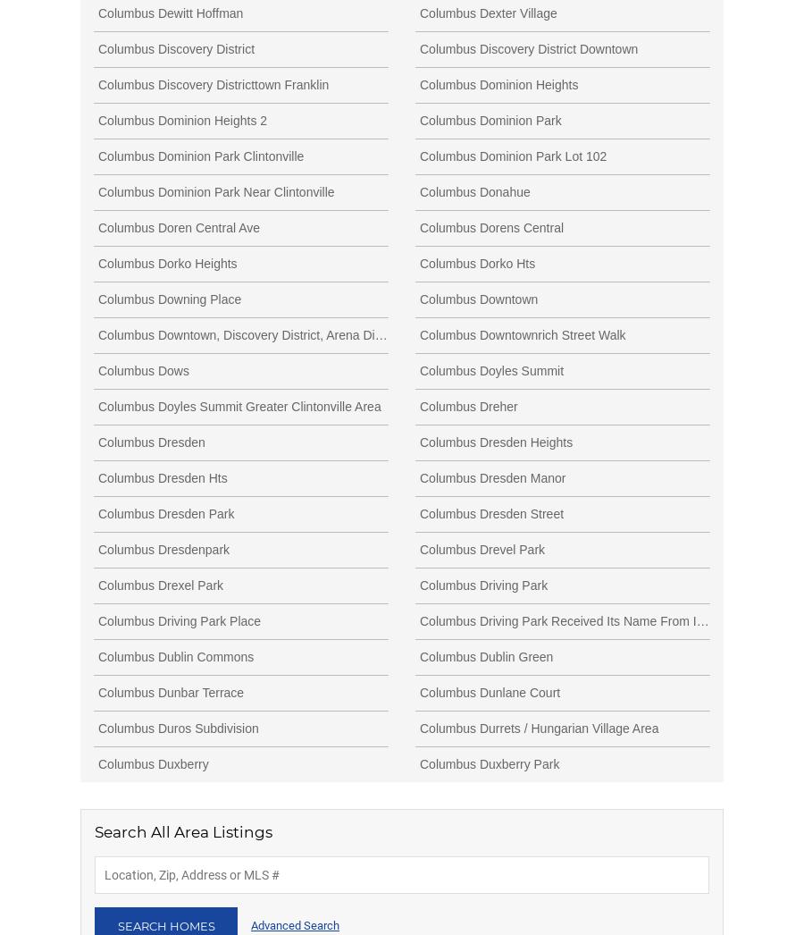 This screenshot has width=804, height=935. What do you see at coordinates (418, 476) in the screenshot?
I see `'Columbus Dresden Manor'` at bounding box center [418, 476].